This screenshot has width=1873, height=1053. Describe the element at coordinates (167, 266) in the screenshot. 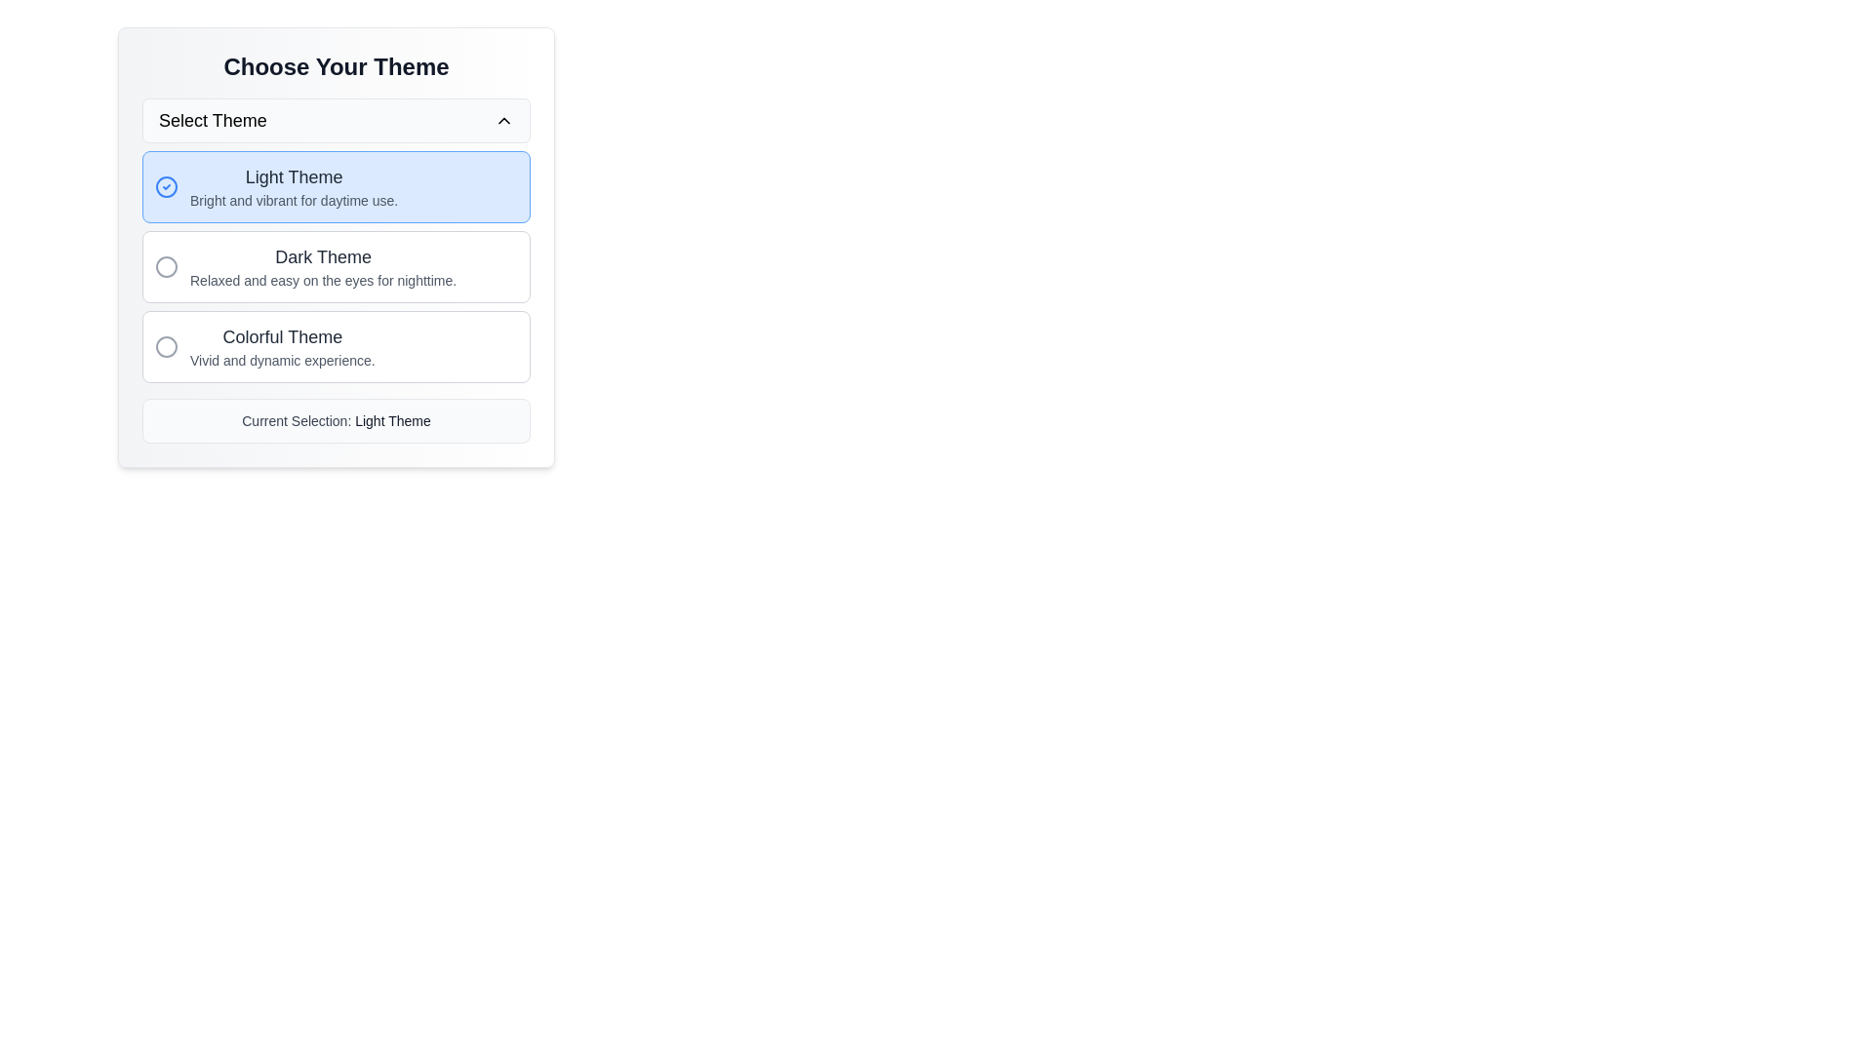

I see `the unselected circular graphic indicator for the 'Dark Theme' option` at that location.